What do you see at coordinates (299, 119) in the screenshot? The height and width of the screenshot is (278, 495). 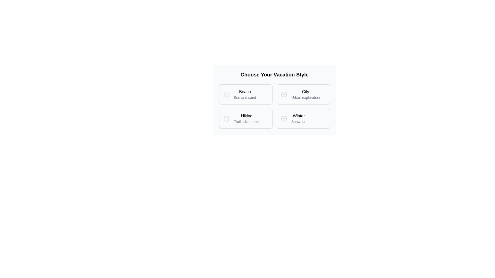 I see `the 'Winter' text display block that provides information about the 'Winter' vacation style option, located at the bottom-right of a 2x2 grid layout` at bounding box center [299, 119].